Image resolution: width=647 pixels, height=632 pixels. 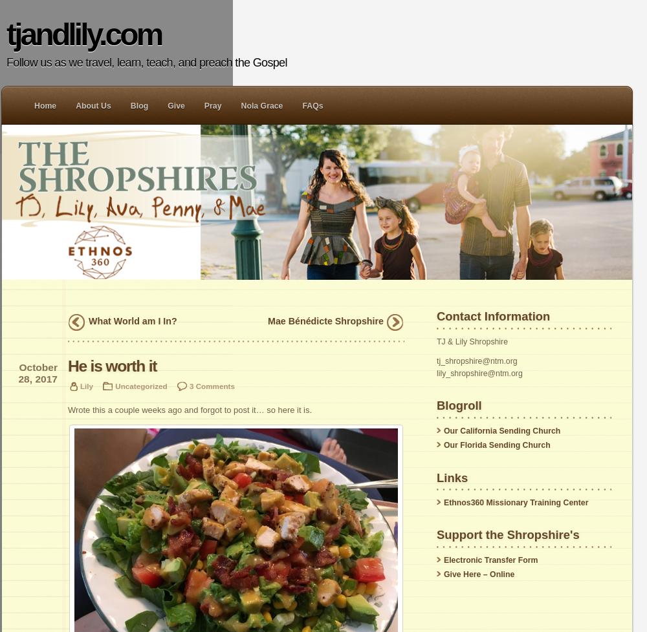 What do you see at coordinates (168, 106) in the screenshot?
I see `'Give'` at bounding box center [168, 106].